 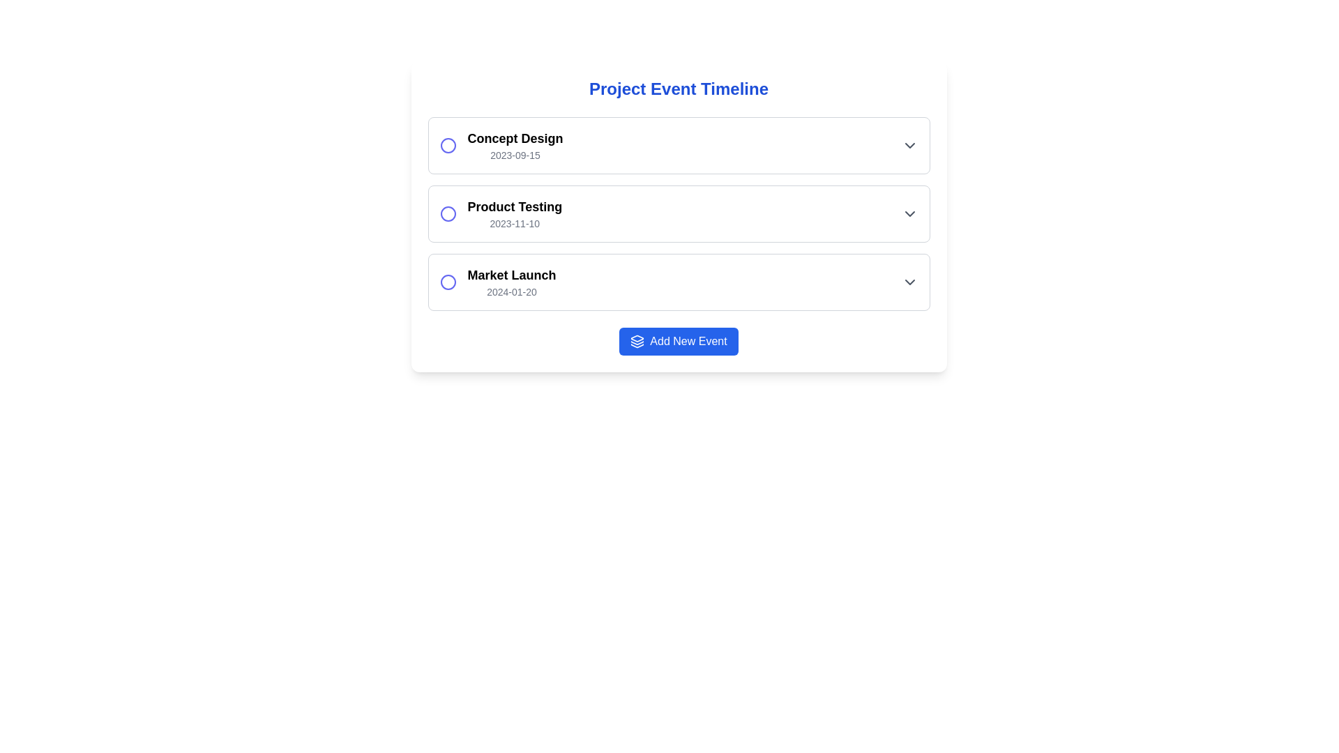 What do you see at coordinates (515, 139) in the screenshot?
I see `the text label reading 'Concept Design', which is styled in a bold, large font and is located to the right of a circular radio button in the 'Project Event Timeline' interface` at bounding box center [515, 139].